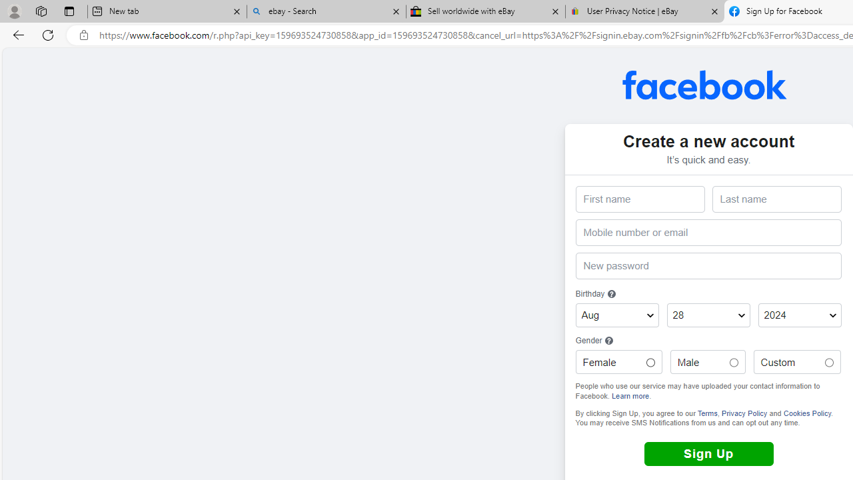 This screenshot has width=853, height=480. I want to click on 'Facebook', so click(704, 85).